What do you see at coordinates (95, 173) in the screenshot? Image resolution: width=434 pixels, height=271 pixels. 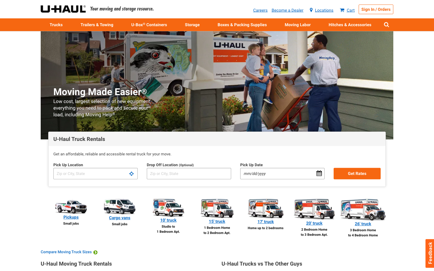 I see `Get rates for truck rental with pick up at A and drop off at B` at bounding box center [95, 173].